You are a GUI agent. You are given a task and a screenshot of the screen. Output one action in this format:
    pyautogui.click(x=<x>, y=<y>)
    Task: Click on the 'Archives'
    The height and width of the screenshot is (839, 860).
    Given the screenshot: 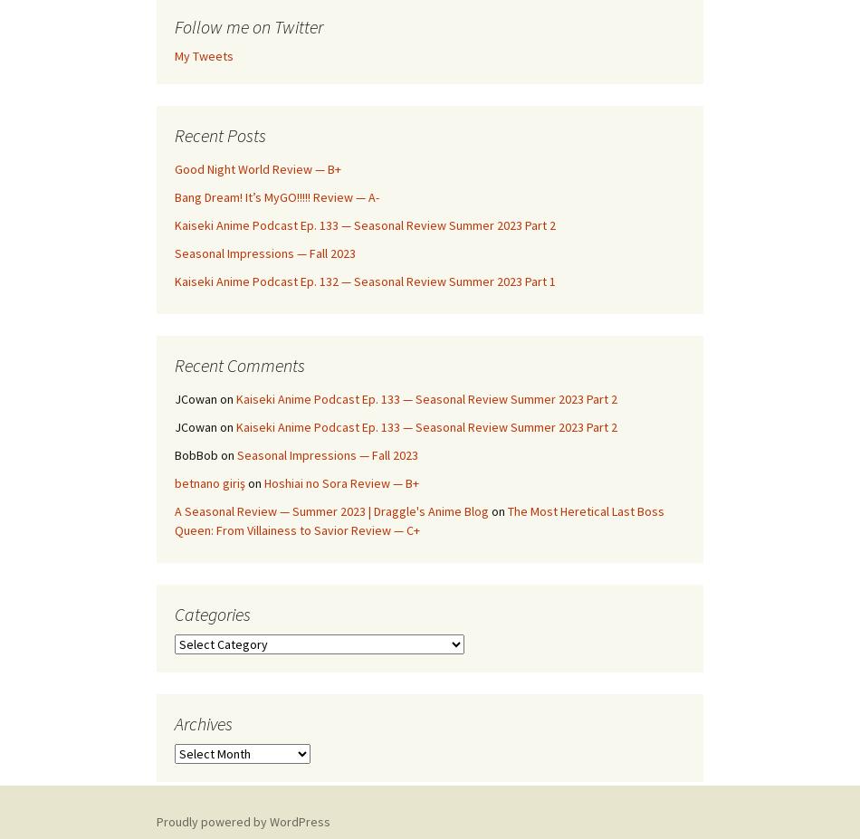 What is the action you would take?
    pyautogui.click(x=203, y=723)
    